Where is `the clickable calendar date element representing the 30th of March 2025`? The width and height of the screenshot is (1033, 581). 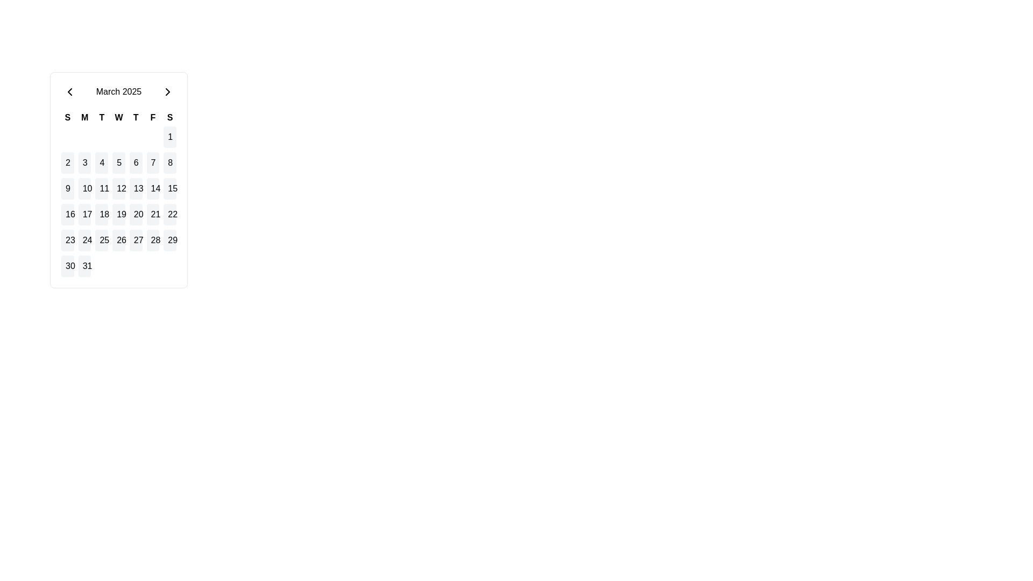
the clickable calendar date element representing the 30th of March 2025 is located at coordinates (67, 266).